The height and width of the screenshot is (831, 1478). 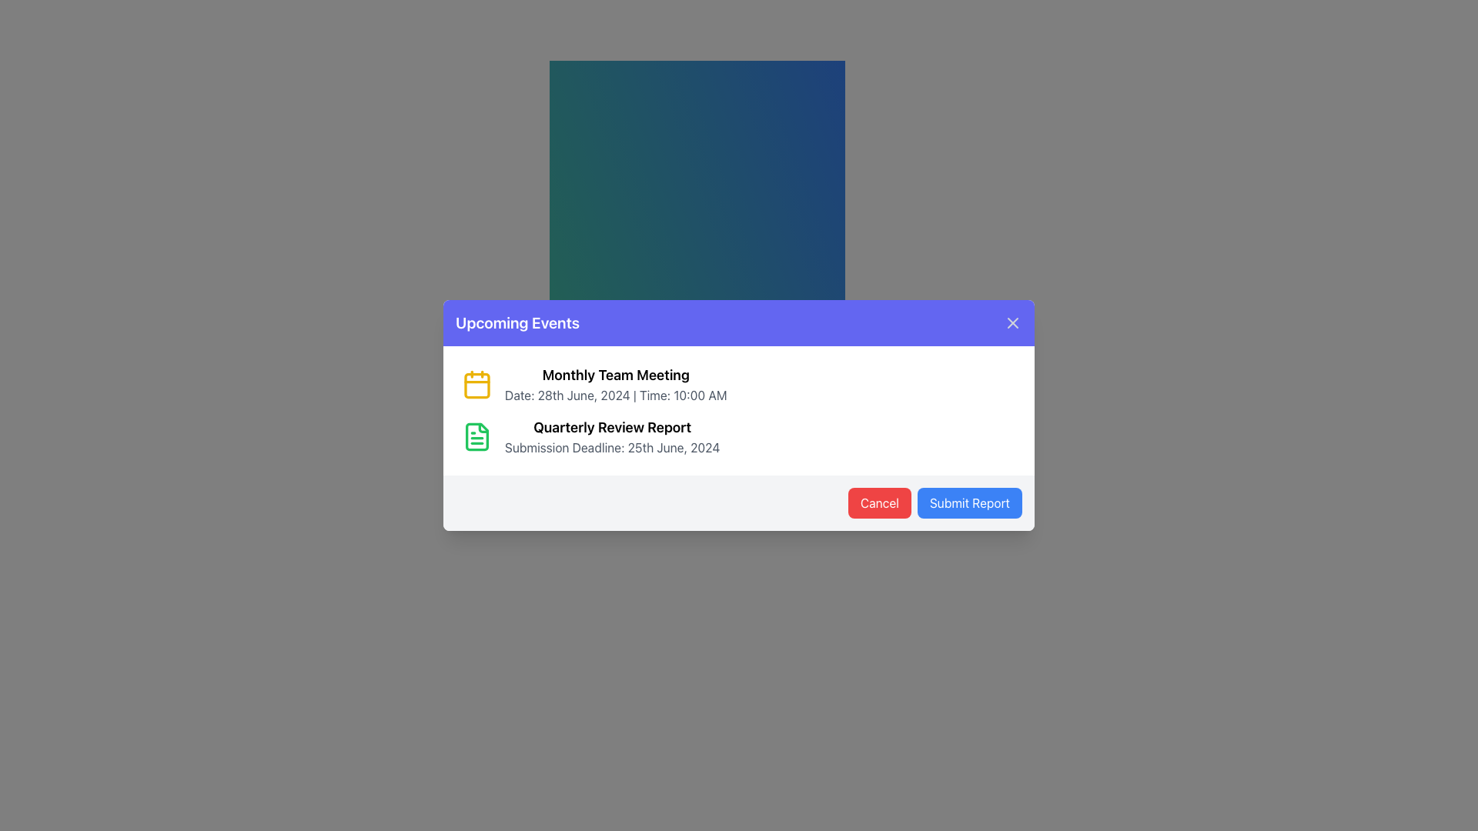 What do you see at coordinates (476, 384) in the screenshot?
I see `the calendar icon representing the first listed event for the 'Monthly Team Meeting' located under 'Upcoming Events'` at bounding box center [476, 384].